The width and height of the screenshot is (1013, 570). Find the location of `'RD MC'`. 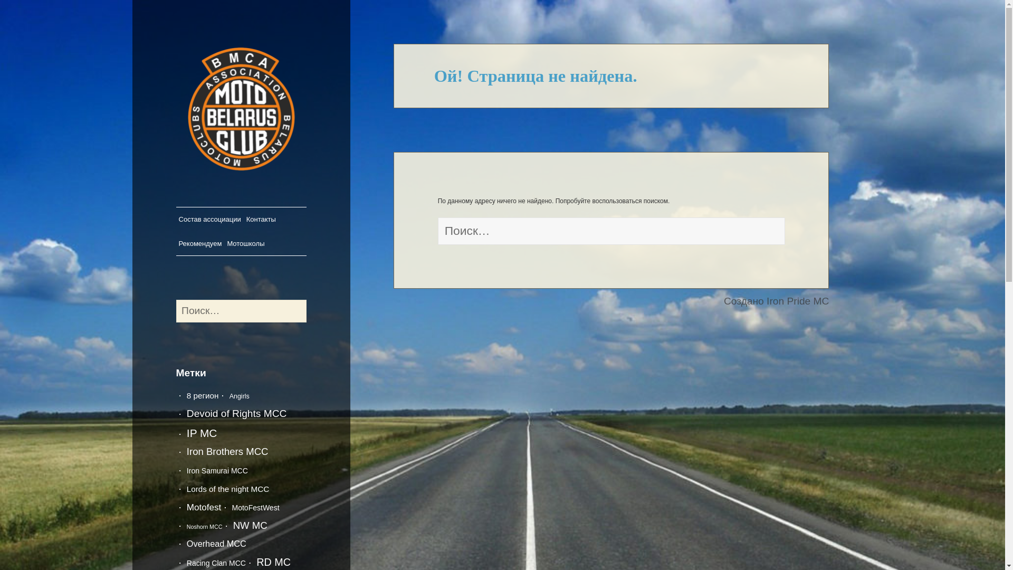

'RD MC' is located at coordinates (273, 561).